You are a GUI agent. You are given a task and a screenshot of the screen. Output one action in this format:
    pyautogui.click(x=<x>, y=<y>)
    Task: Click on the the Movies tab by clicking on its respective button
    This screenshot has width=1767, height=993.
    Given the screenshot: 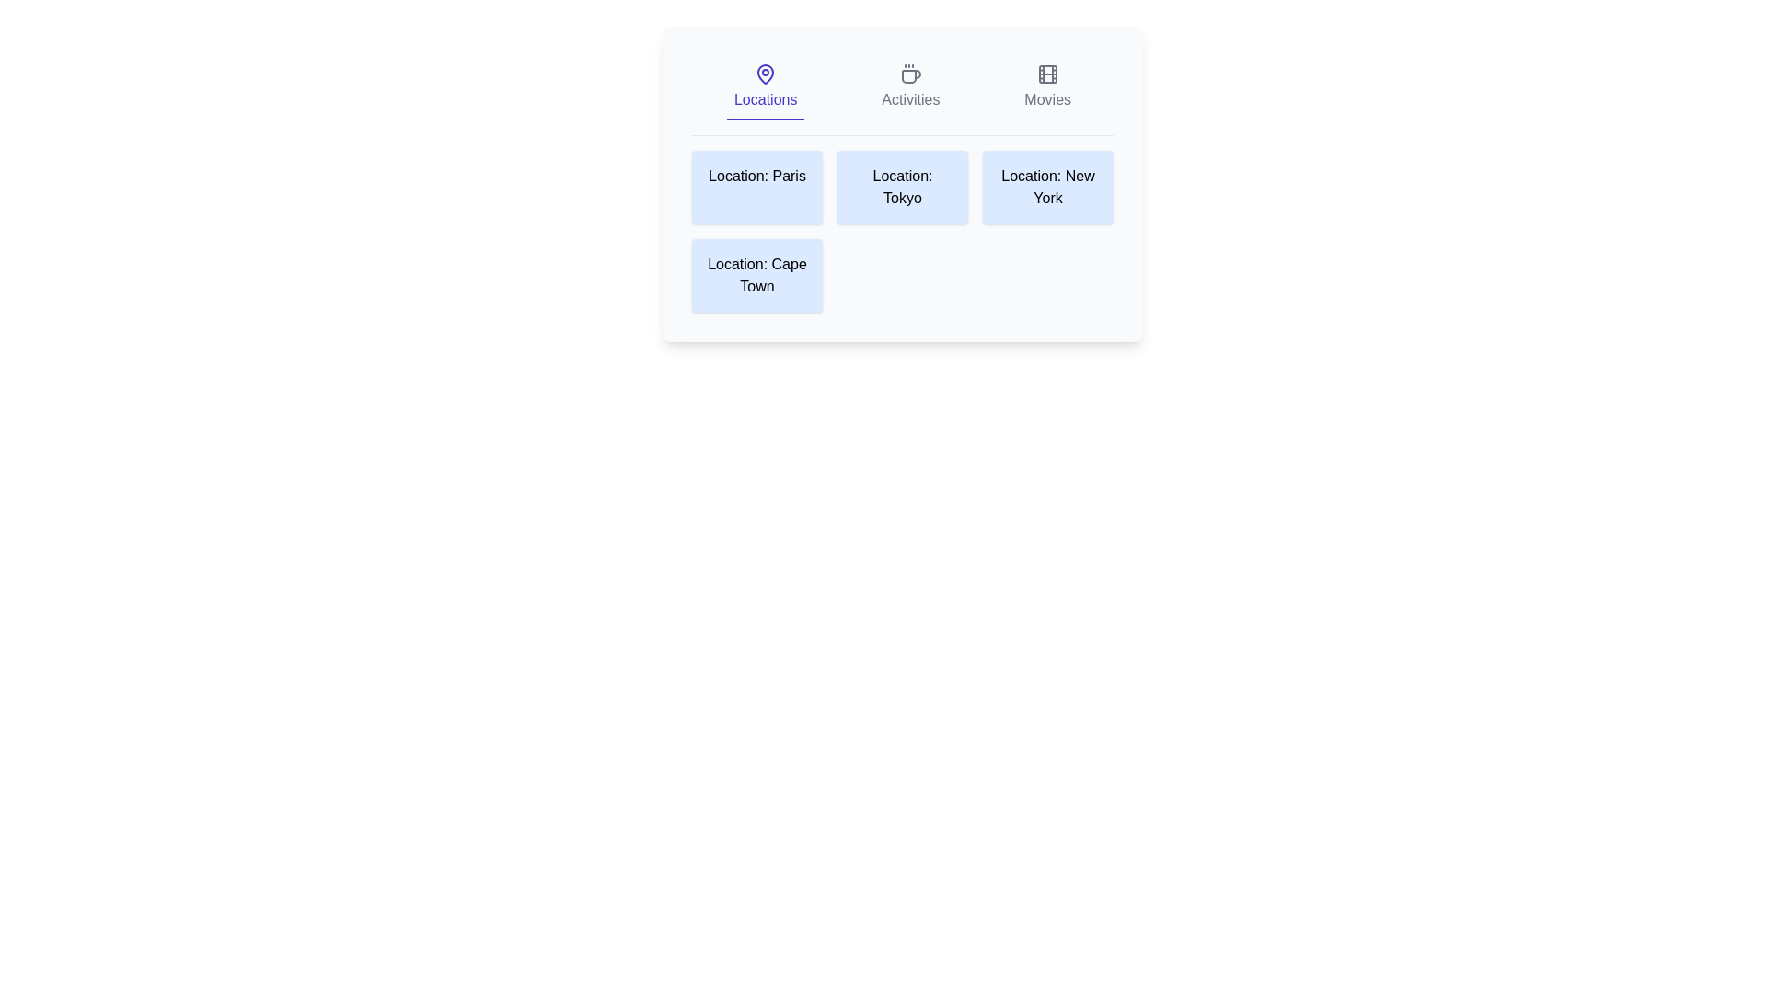 What is the action you would take?
    pyautogui.click(x=1047, y=88)
    